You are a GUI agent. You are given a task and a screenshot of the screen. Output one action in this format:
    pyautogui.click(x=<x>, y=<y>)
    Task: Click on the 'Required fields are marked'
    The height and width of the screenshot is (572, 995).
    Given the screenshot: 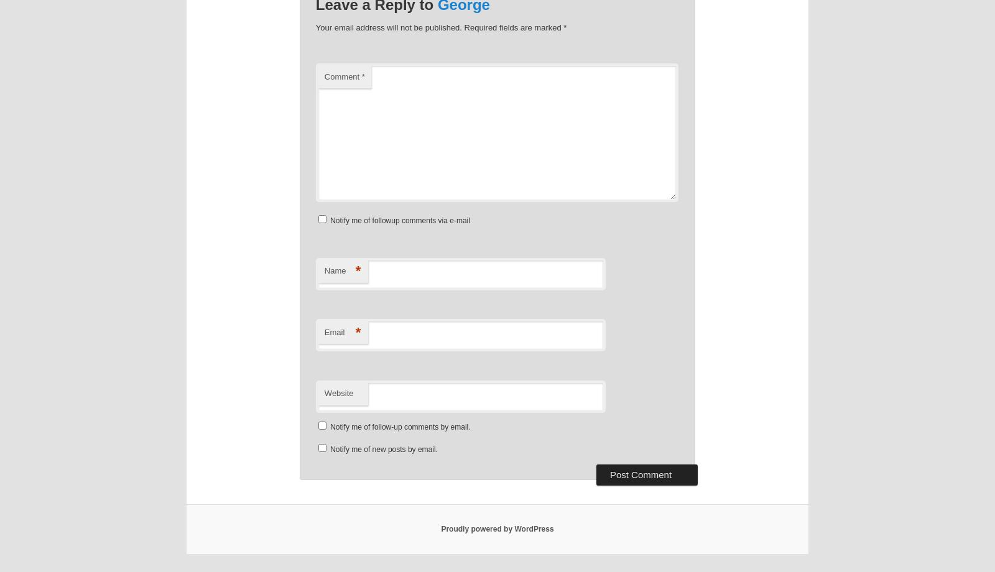 What is the action you would take?
    pyautogui.click(x=463, y=27)
    